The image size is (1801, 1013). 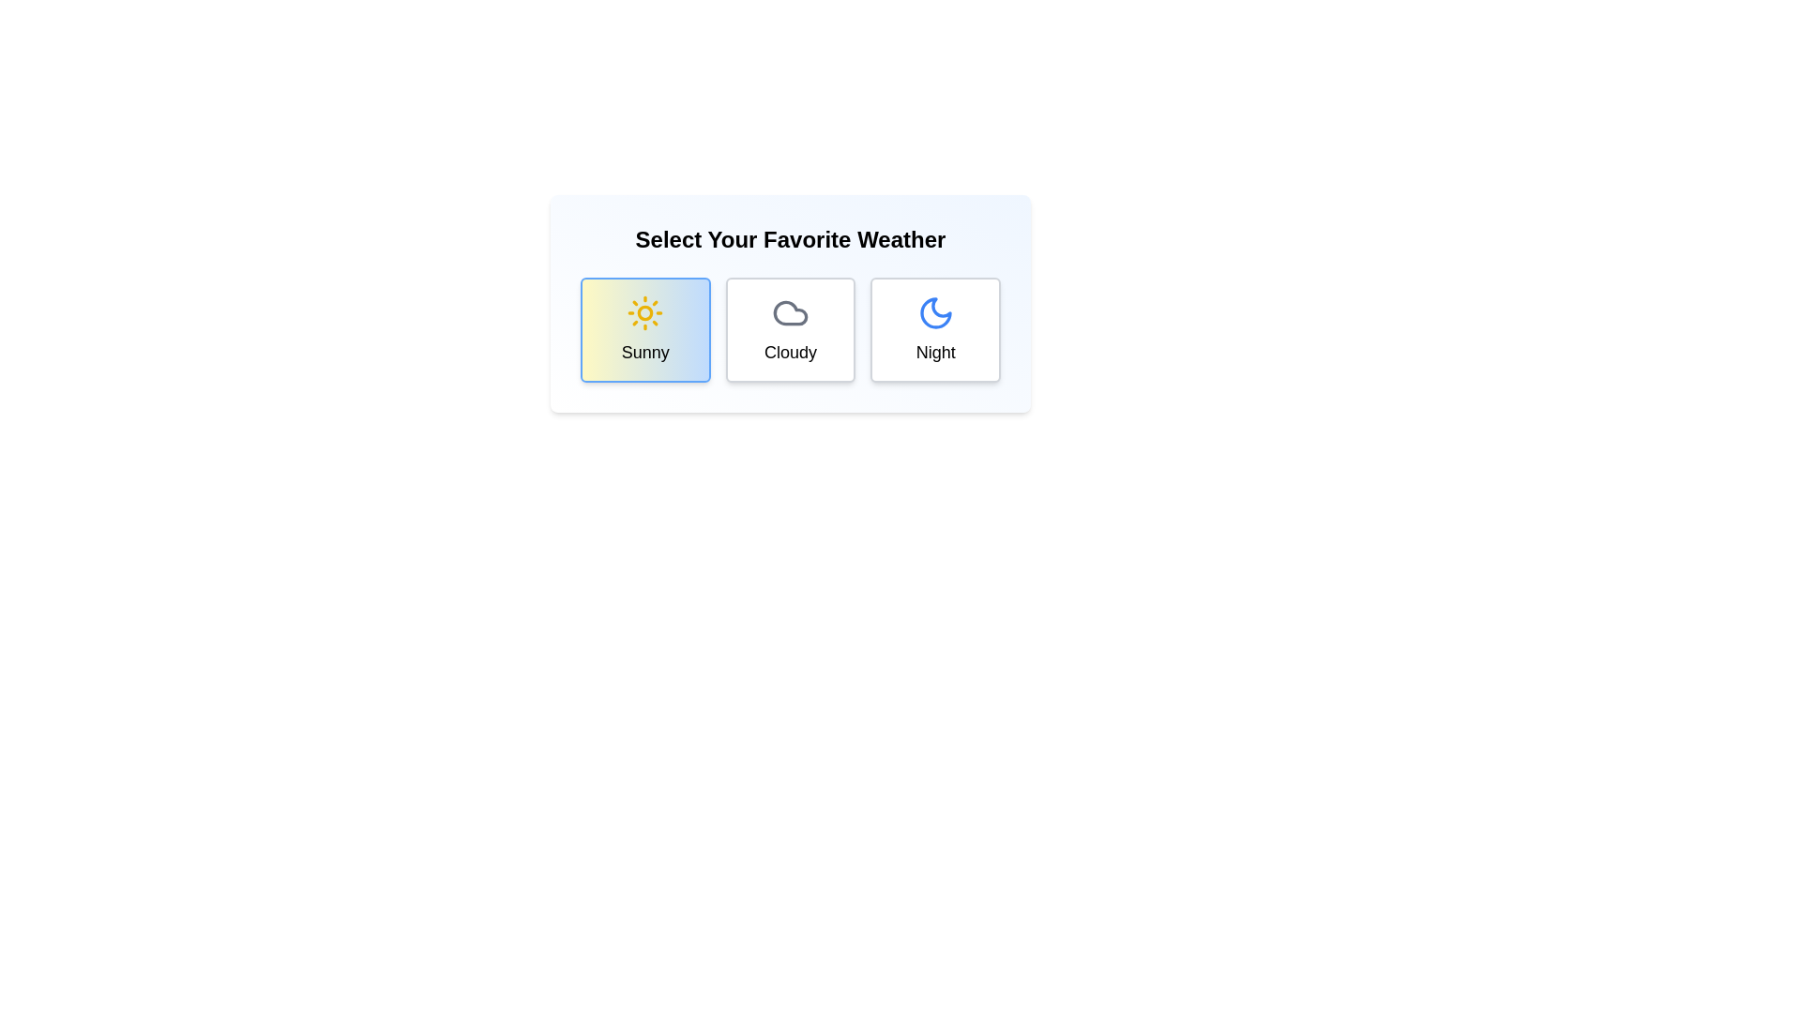 What do you see at coordinates (645, 328) in the screenshot?
I see `the 'Sunny' weather option card located at the top-left corner of the set of three horizontally arranged cards` at bounding box center [645, 328].